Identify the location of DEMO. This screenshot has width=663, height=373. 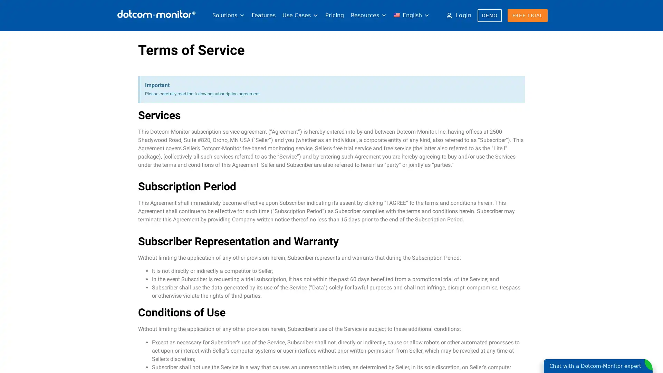
(489, 16).